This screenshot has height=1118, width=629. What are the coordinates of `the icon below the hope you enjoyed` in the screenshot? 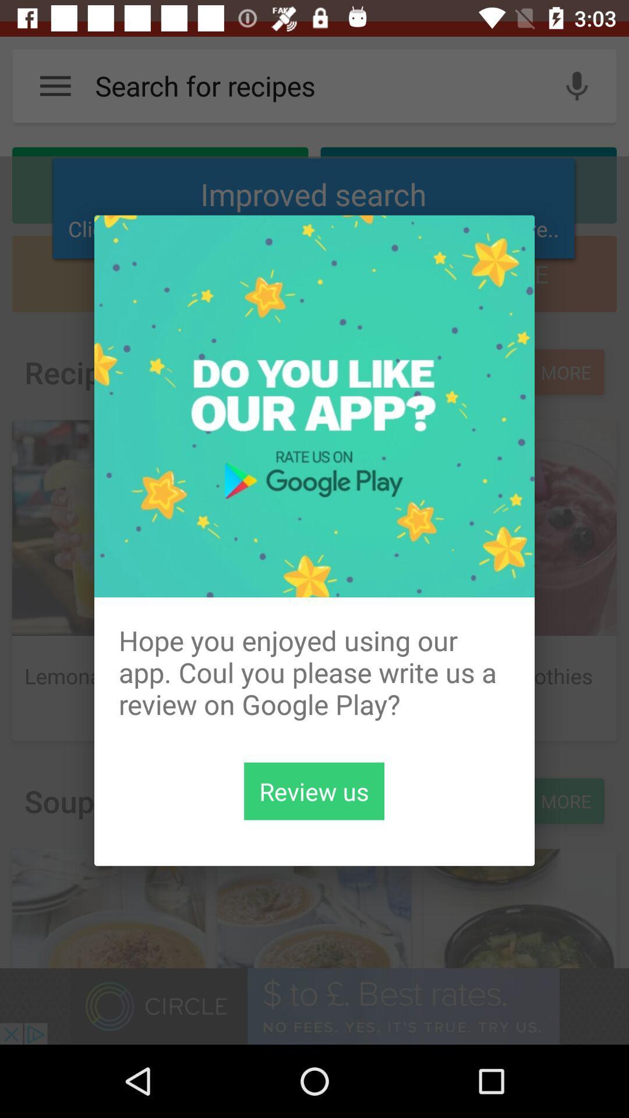 It's located at (313, 791).